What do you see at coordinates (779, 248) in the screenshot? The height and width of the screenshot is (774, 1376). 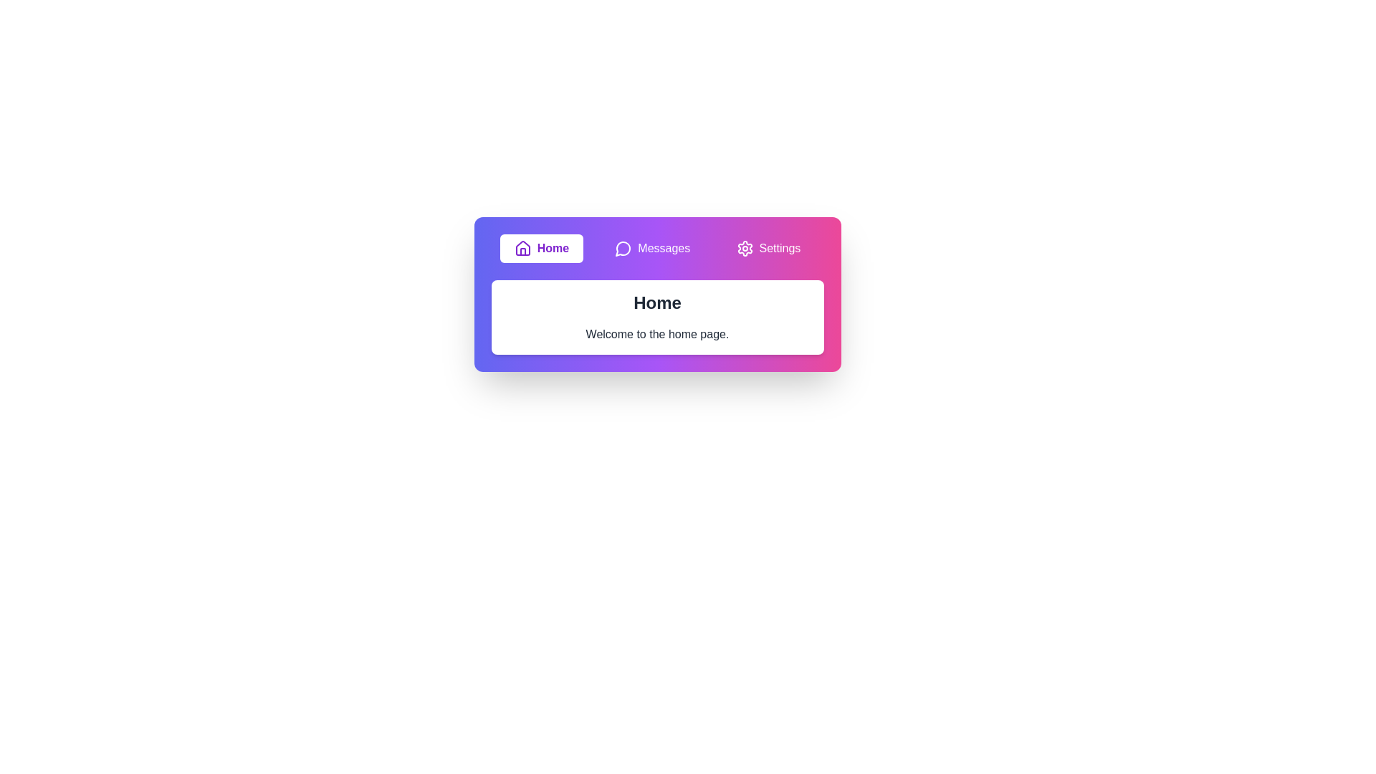 I see `the 'Settings' button, which is the rightmost item in the navigation bar` at bounding box center [779, 248].